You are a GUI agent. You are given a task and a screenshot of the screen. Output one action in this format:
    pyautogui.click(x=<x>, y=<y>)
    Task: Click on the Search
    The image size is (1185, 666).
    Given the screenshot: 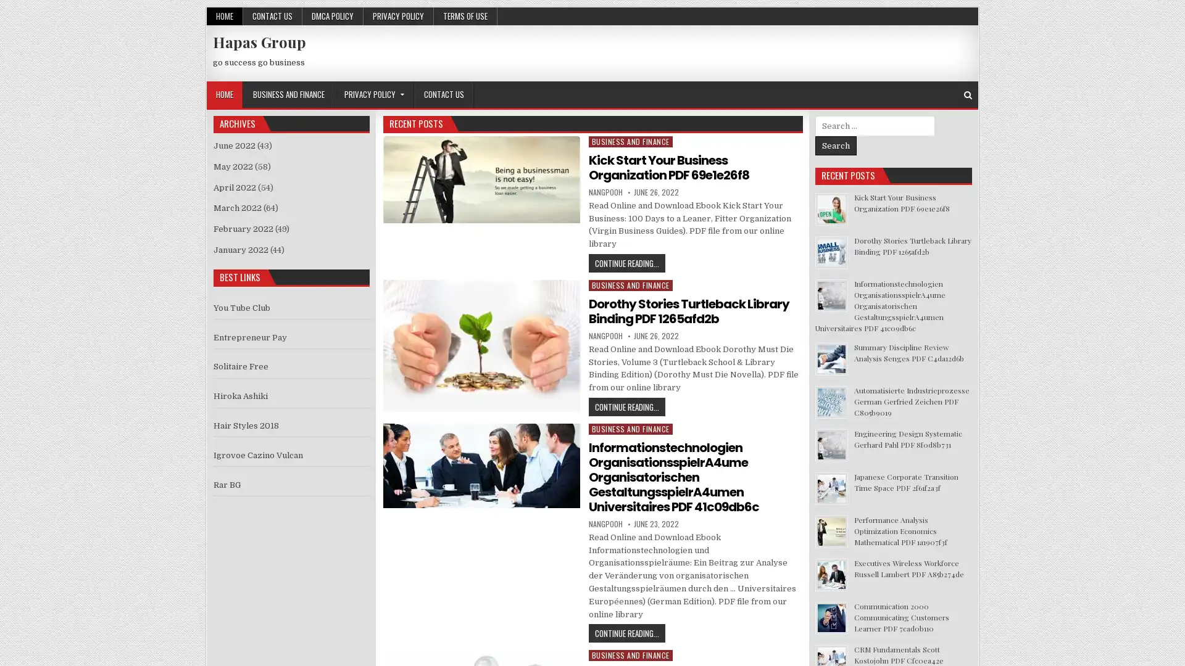 What is the action you would take?
    pyautogui.click(x=836, y=145)
    